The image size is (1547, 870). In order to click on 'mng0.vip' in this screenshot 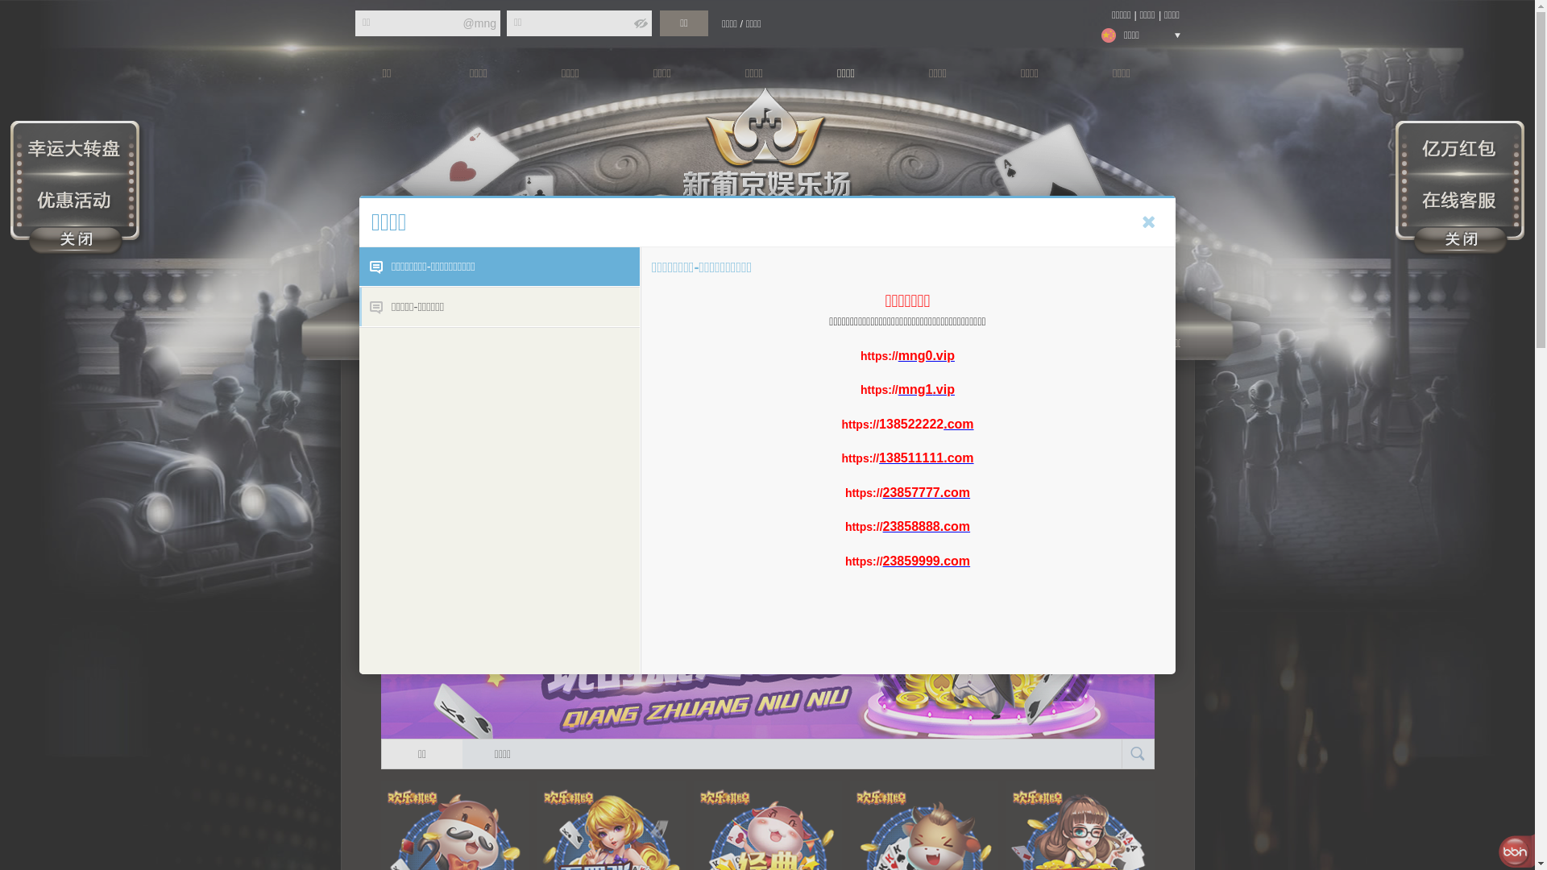, I will do `click(927, 354)`.